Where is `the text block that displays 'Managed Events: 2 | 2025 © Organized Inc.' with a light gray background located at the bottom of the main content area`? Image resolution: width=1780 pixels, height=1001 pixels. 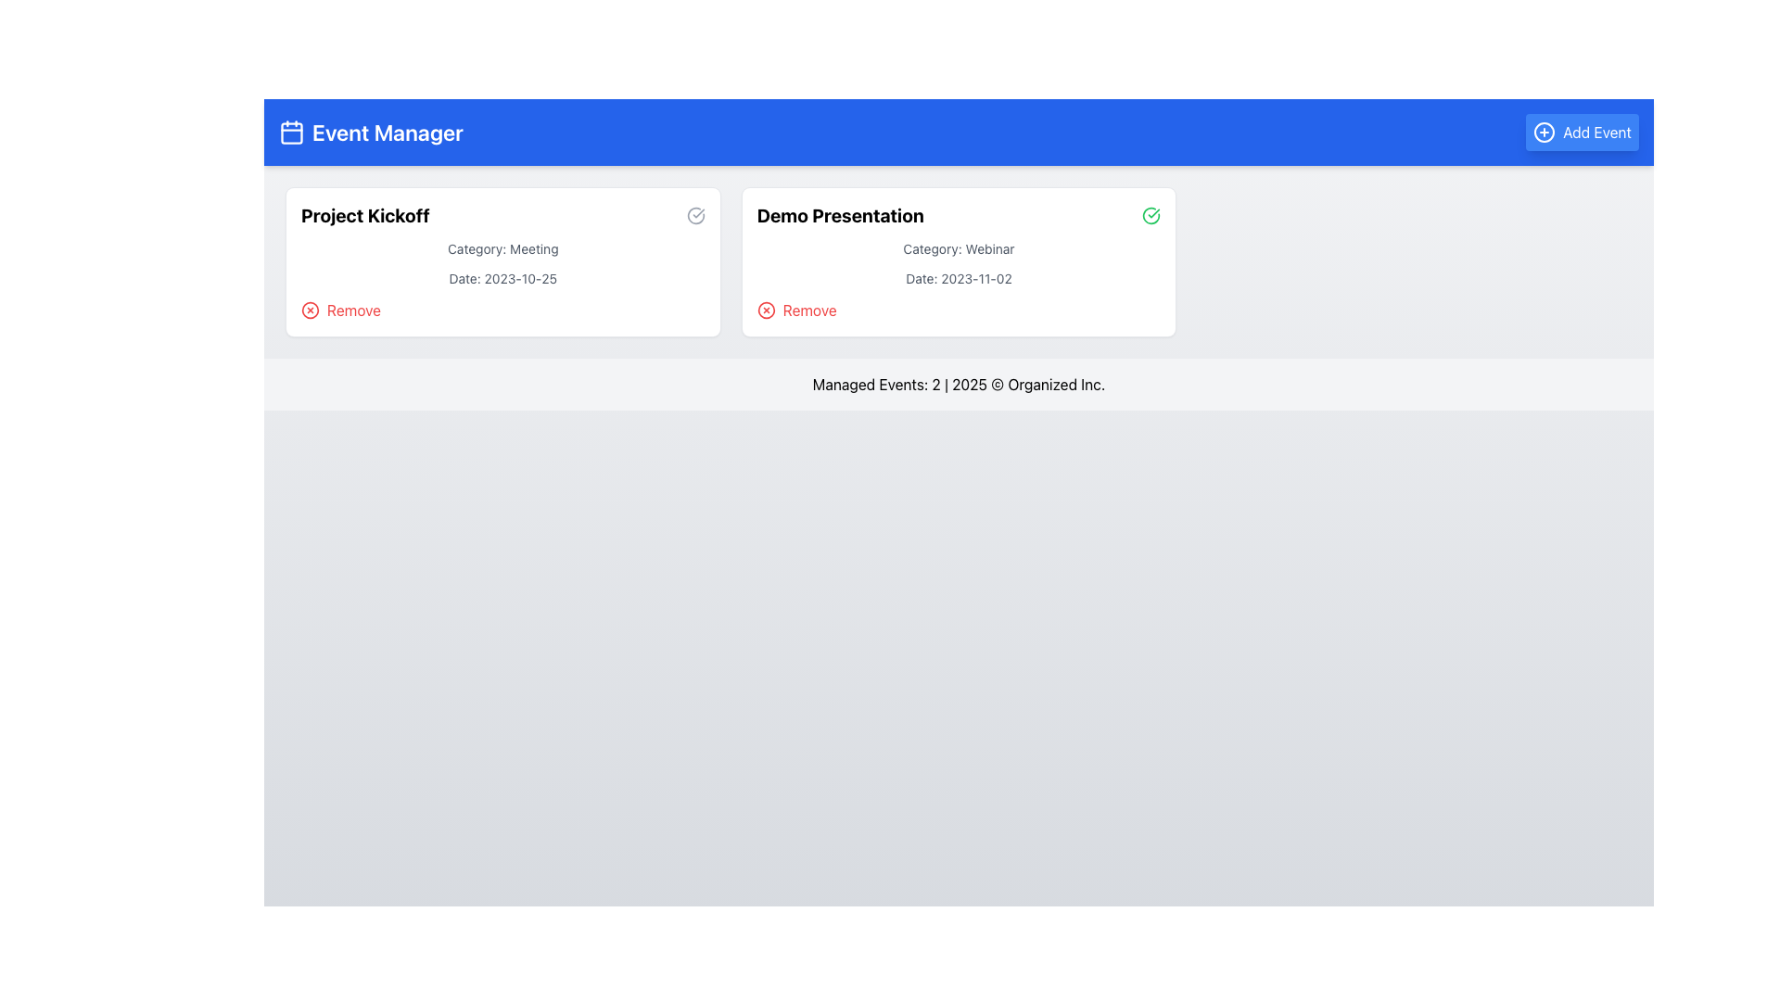 the text block that displays 'Managed Events: 2 | 2025 © Organized Inc.' with a light gray background located at the bottom of the main content area is located at coordinates (959, 384).